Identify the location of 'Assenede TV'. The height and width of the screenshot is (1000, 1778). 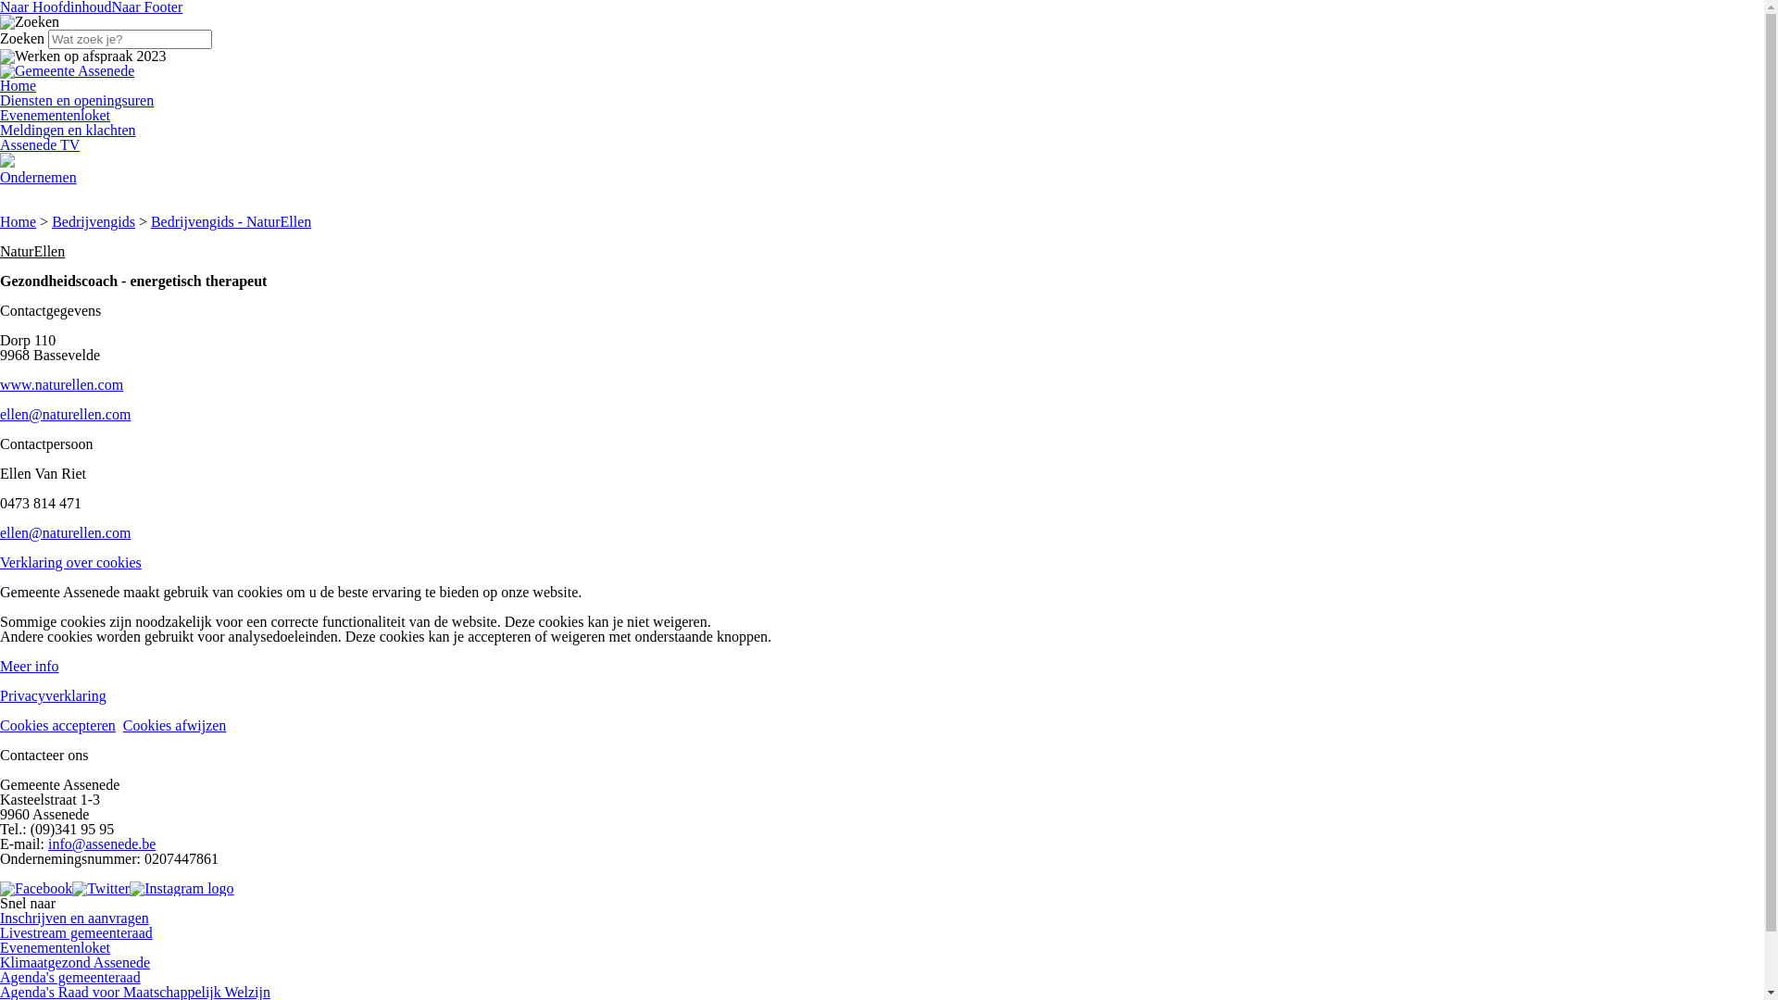
(40, 144).